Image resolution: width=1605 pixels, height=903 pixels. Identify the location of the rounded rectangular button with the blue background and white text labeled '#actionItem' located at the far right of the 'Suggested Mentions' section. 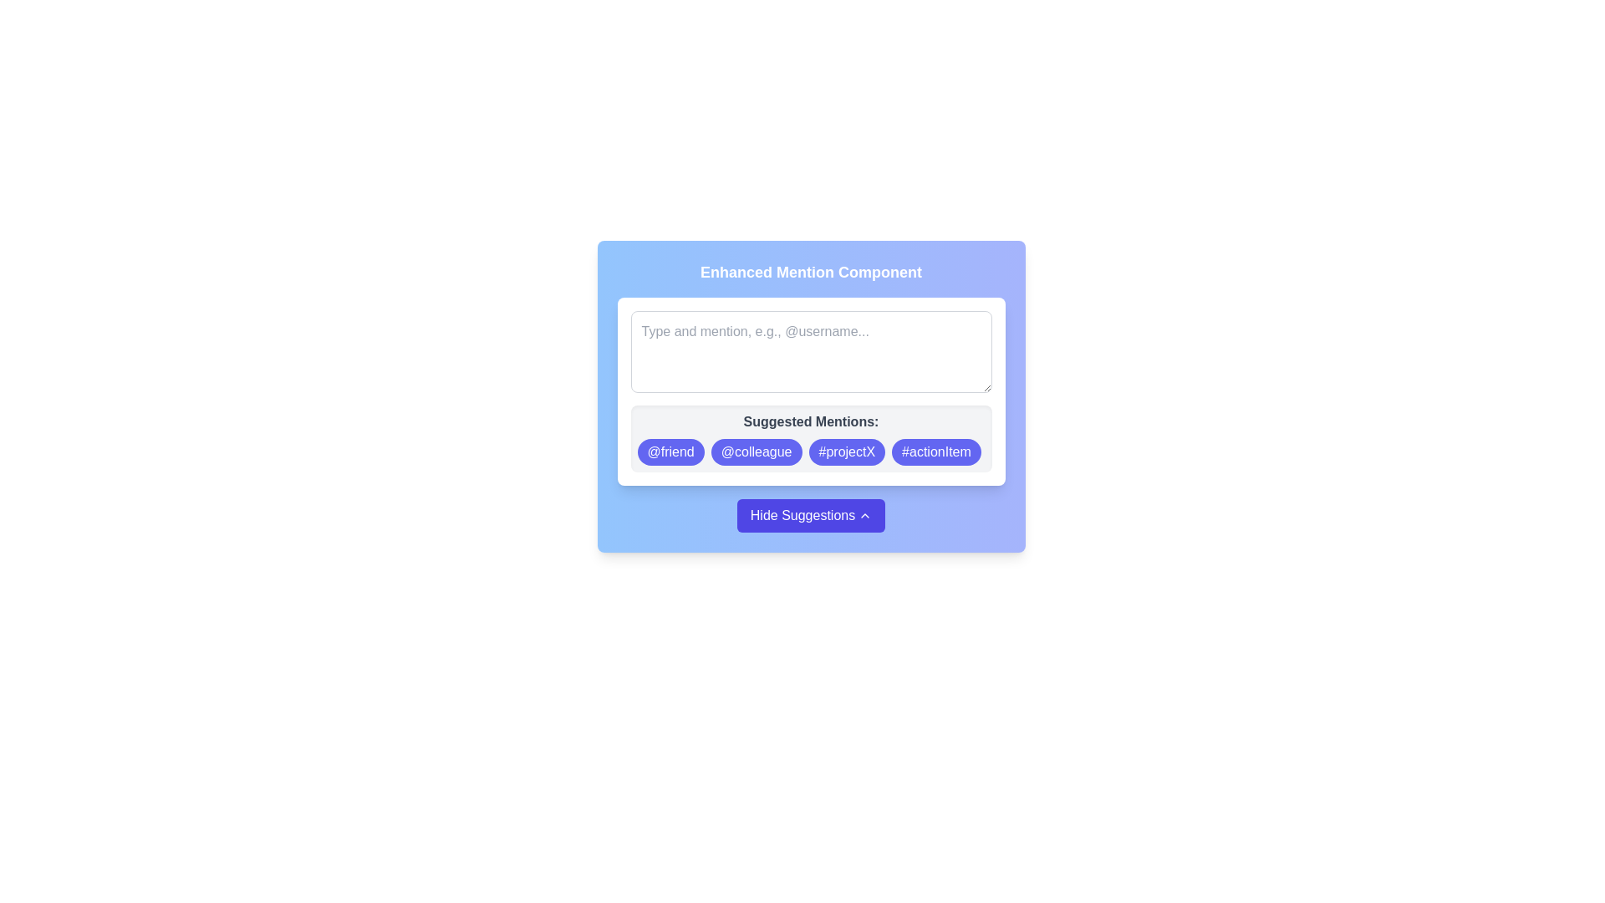
(935, 451).